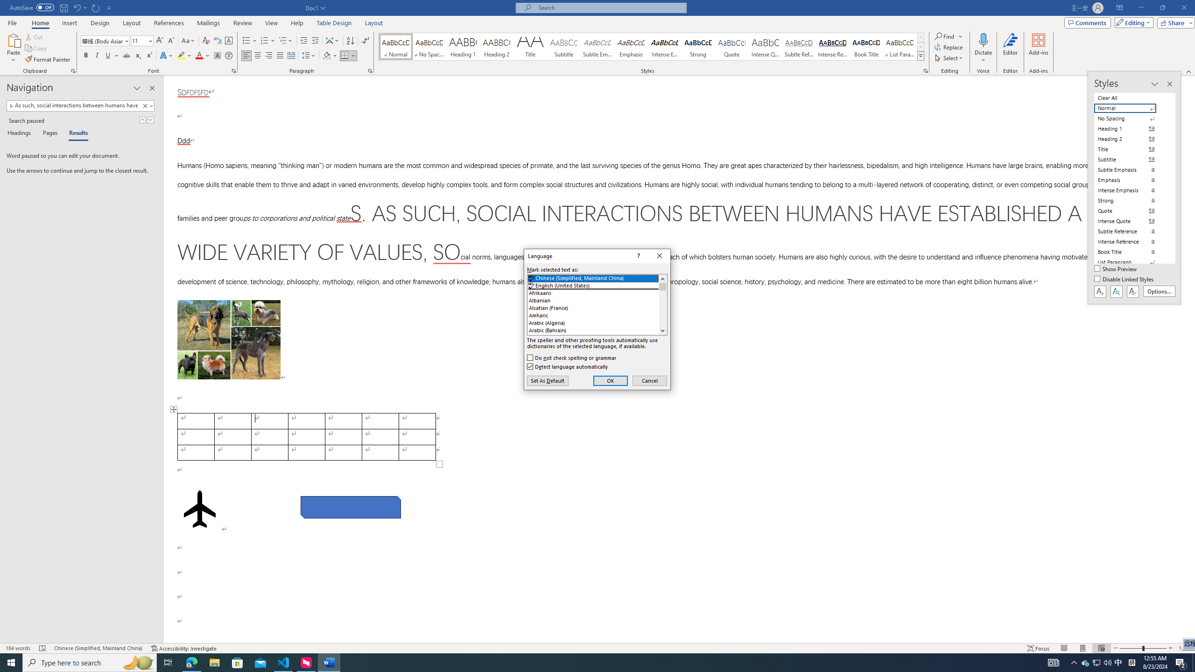 This screenshot has height=672, width=1195. What do you see at coordinates (662, 308) in the screenshot?
I see `'Page down'` at bounding box center [662, 308].